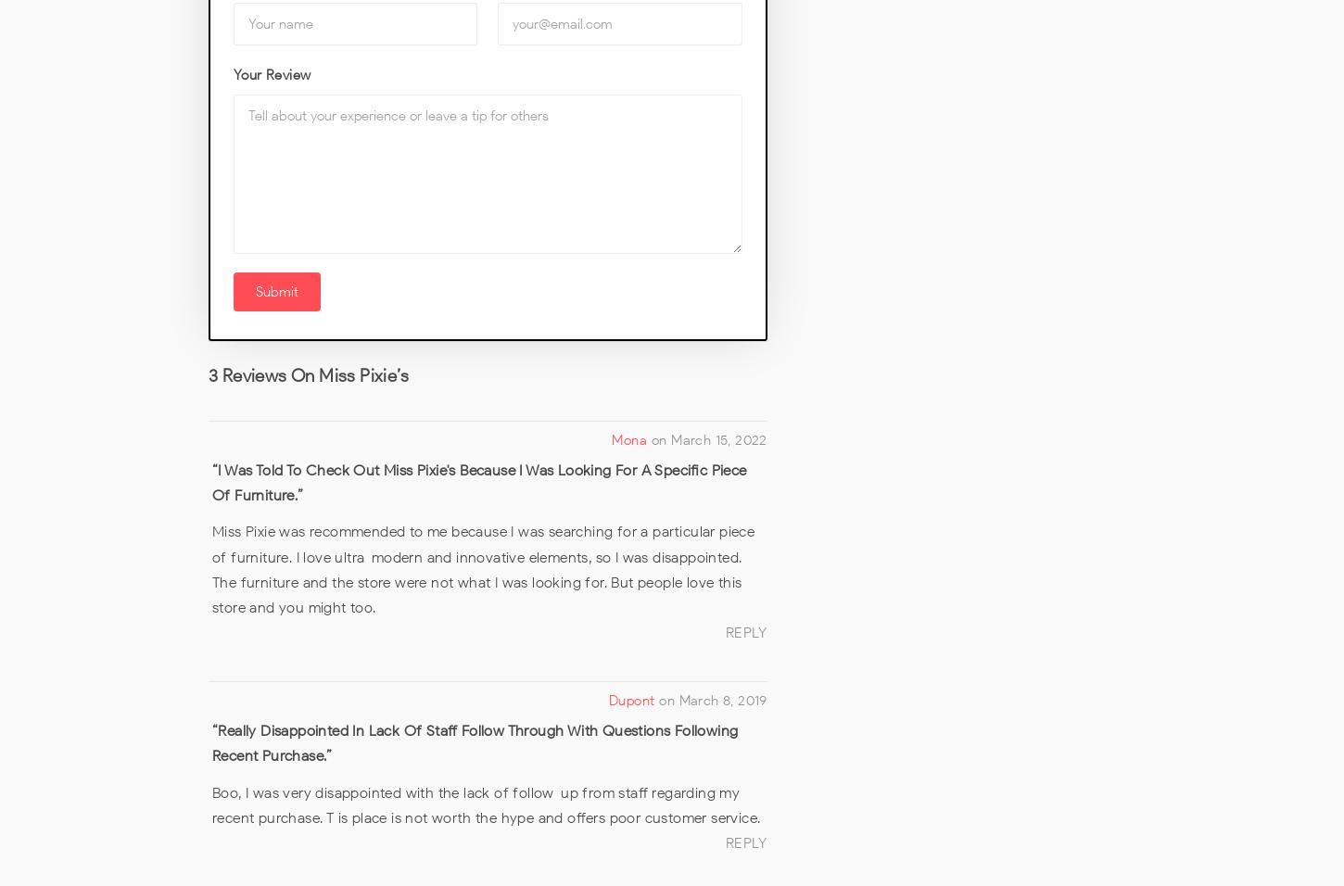 The width and height of the screenshot is (1344, 886). What do you see at coordinates (712, 700) in the screenshot?
I see `'on March 8, 2019'` at bounding box center [712, 700].